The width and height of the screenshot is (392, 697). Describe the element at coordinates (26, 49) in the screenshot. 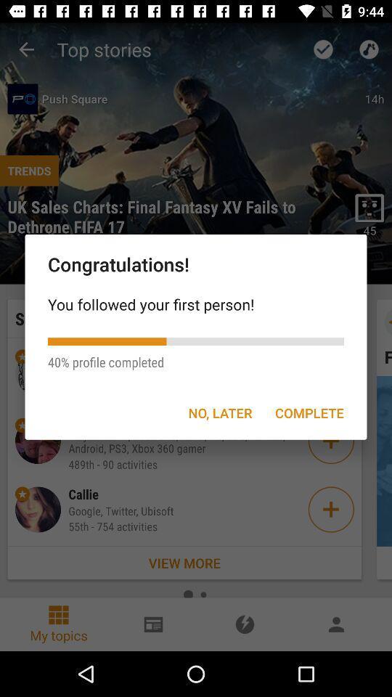

I see `the arrow_backward icon` at that location.